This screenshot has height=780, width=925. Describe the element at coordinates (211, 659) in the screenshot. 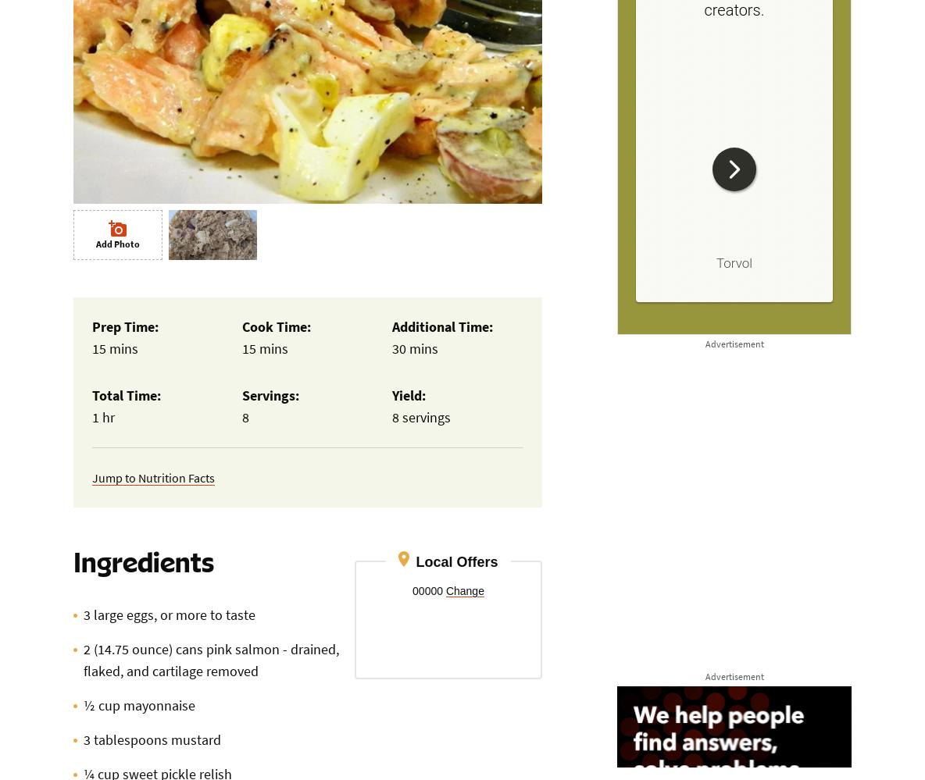

I see `'pink salmon - drained, flaked, and cartilage removed'` at that location.